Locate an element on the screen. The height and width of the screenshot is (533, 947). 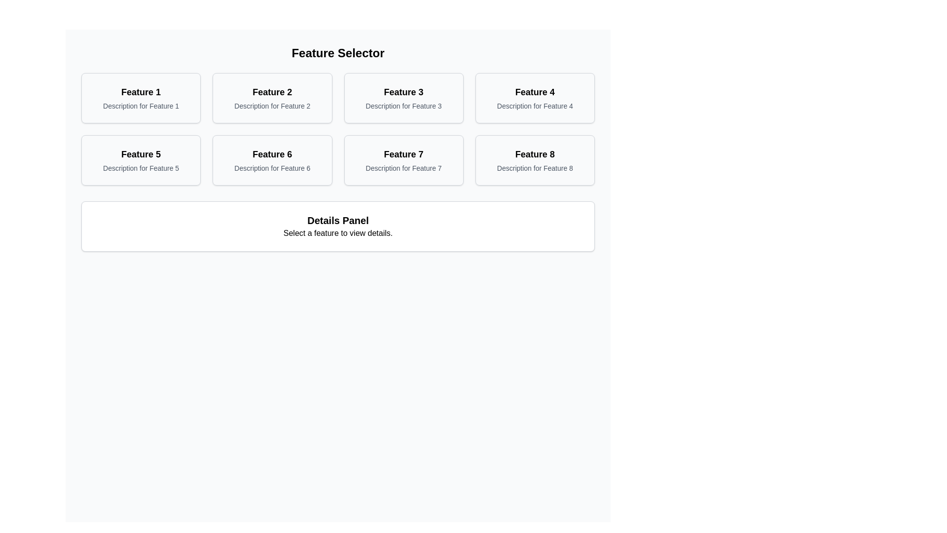
the Informational Card for 'Feature 8' located in the bottom-right corner of the grid layout is located at coordinates (534, 159).